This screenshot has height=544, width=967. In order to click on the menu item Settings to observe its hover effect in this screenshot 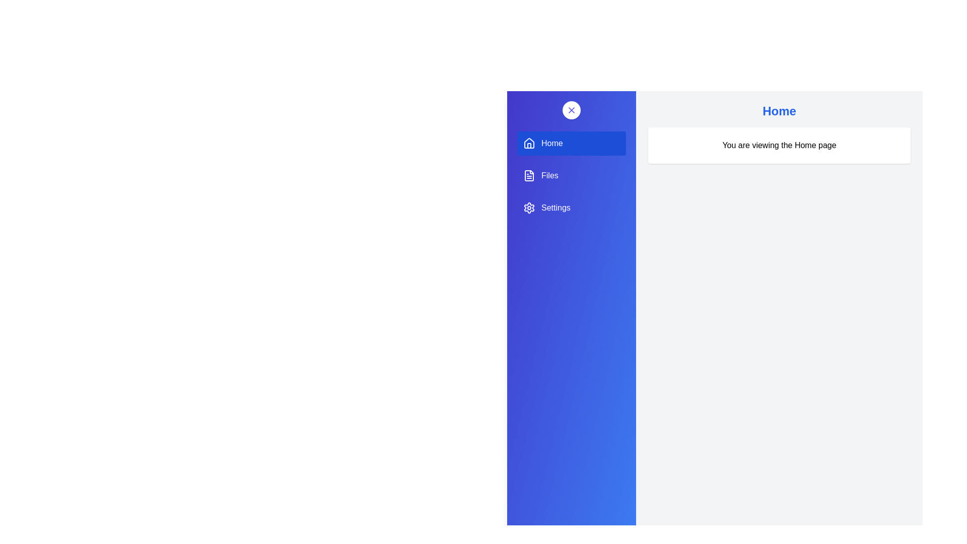, I will do `click(571, 207)`.